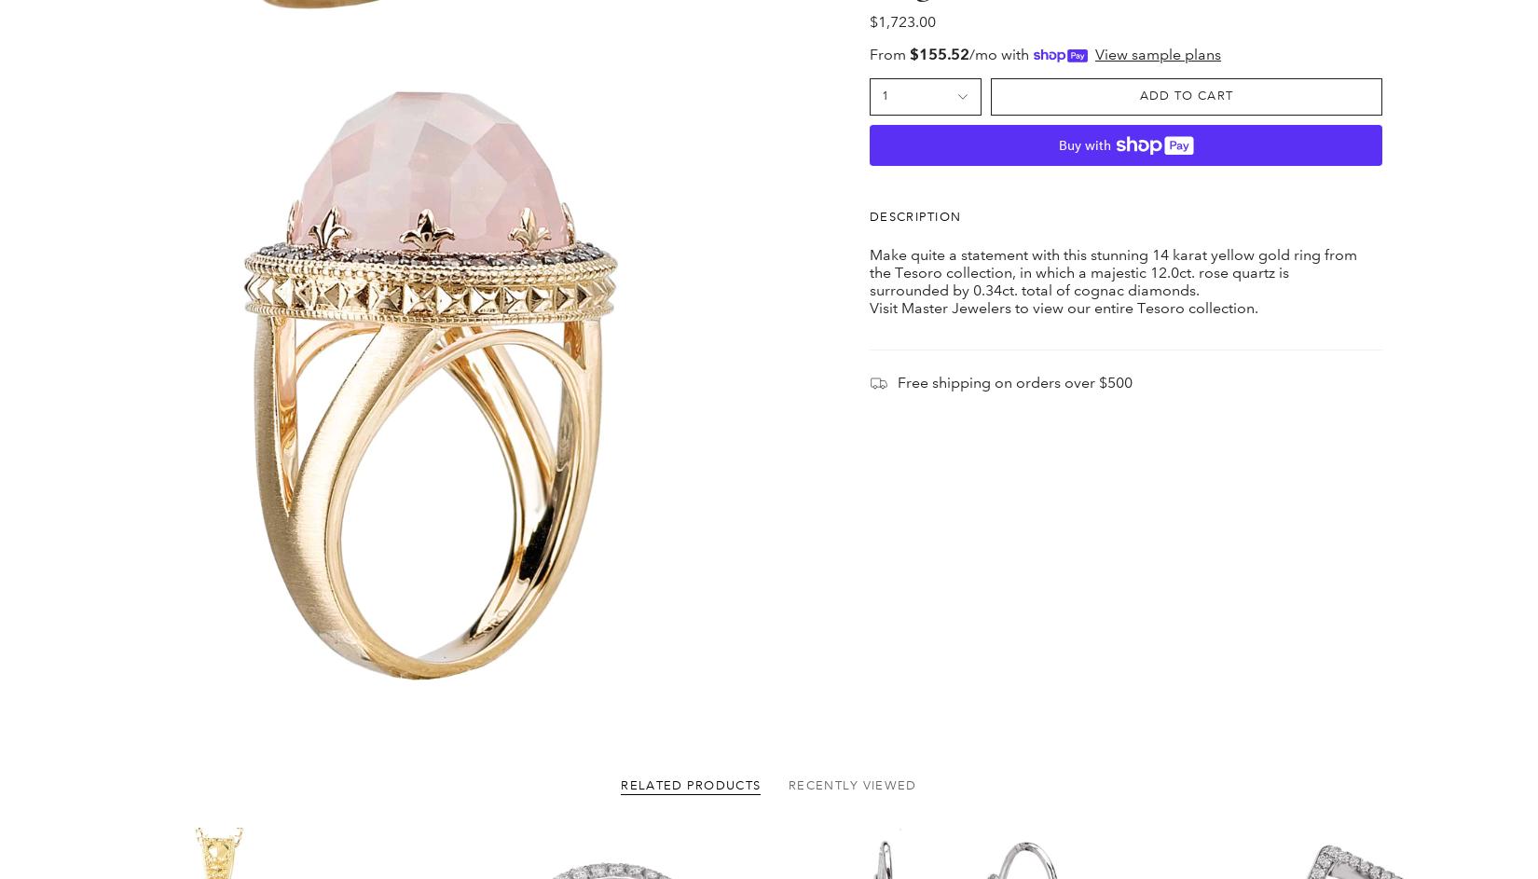  What do you see at coordinates (1029, 767) in the screenshot?
I see `'Sunday & Monday: Closed'` at bounding box center [1029, 767].